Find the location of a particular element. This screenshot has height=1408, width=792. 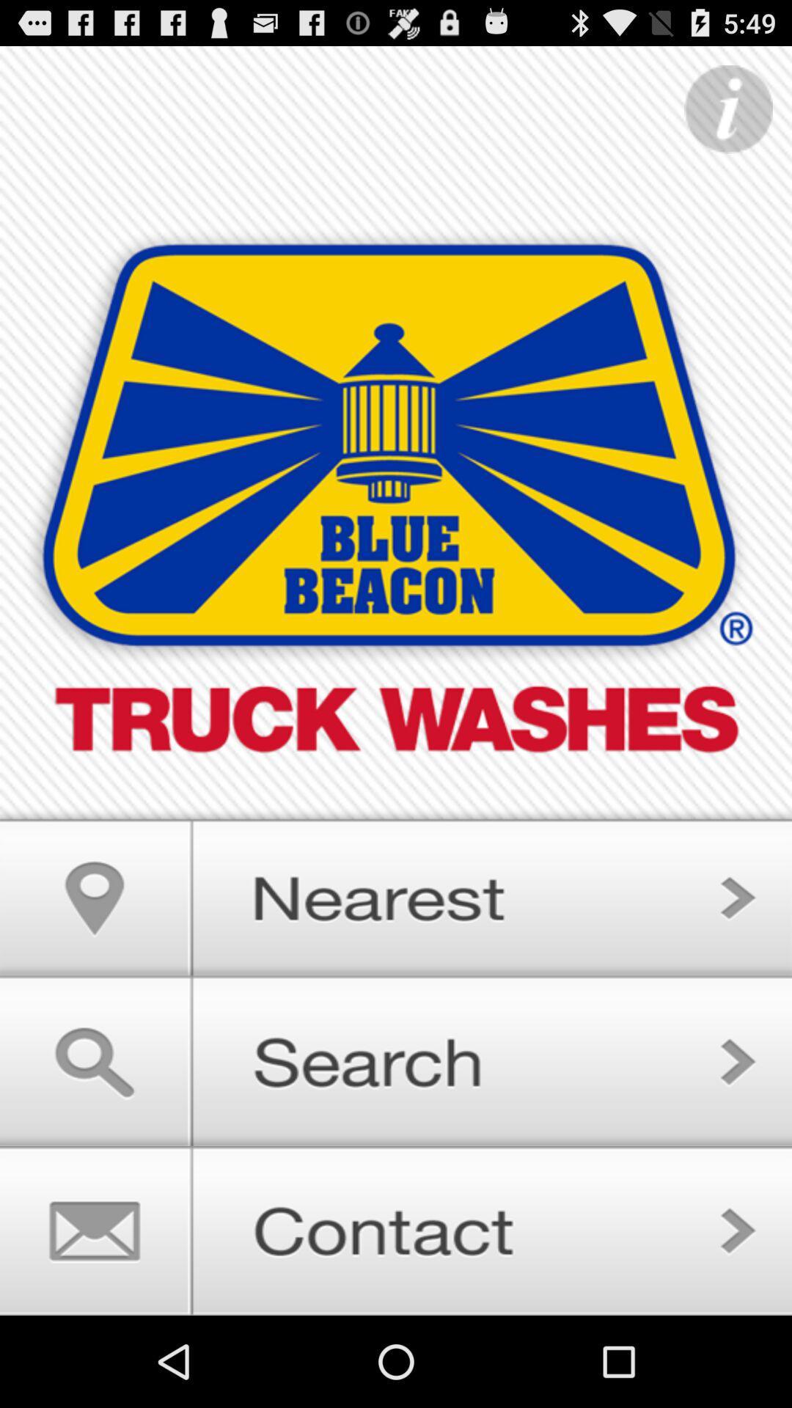

open contact is located at coordinates (396, 1231).